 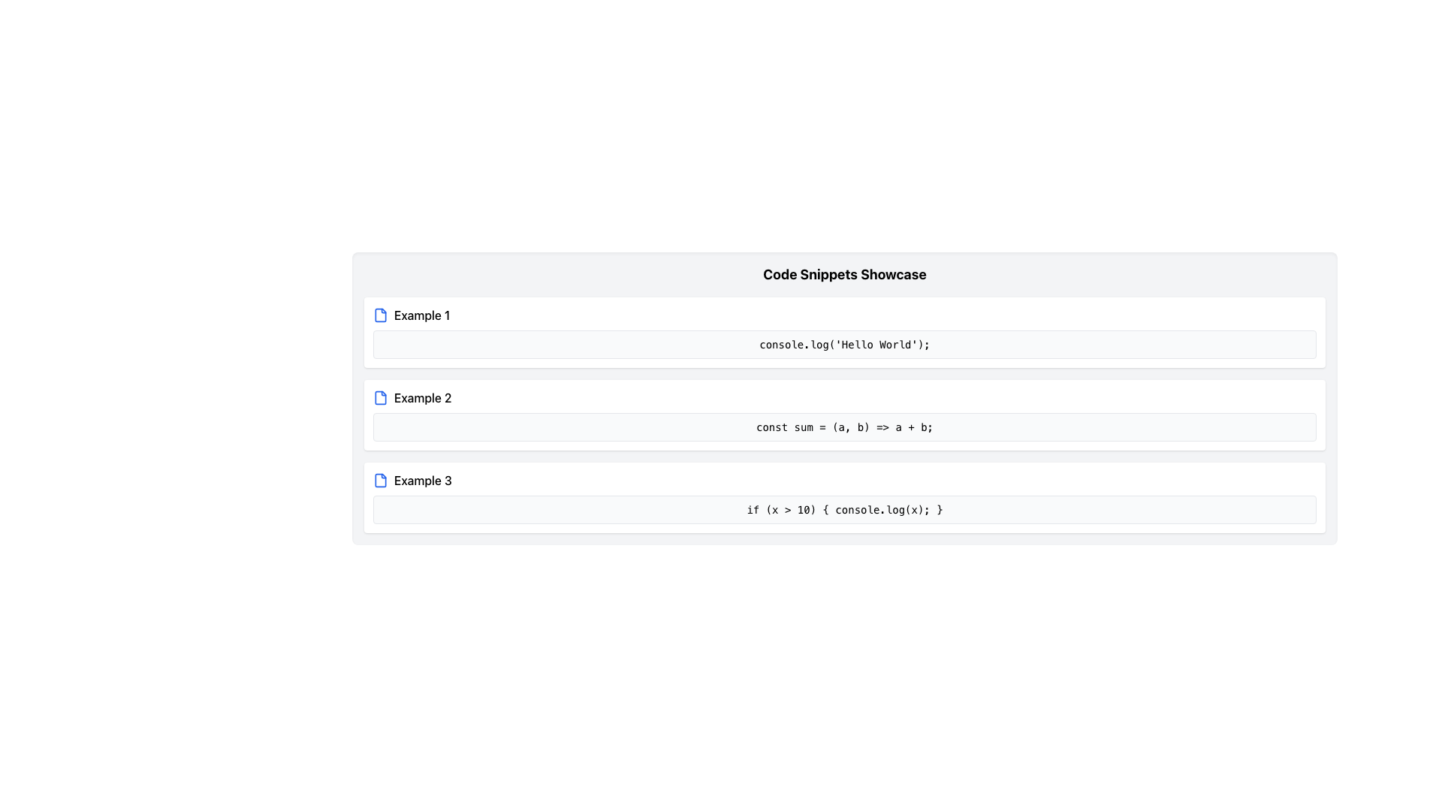 What do you see at coordinates (381, 396) in the screenshot?
I see `the icon representing the file associated with 'Example 2', which is located before the text in the same horizontal line` at bounding box center [381, 396].